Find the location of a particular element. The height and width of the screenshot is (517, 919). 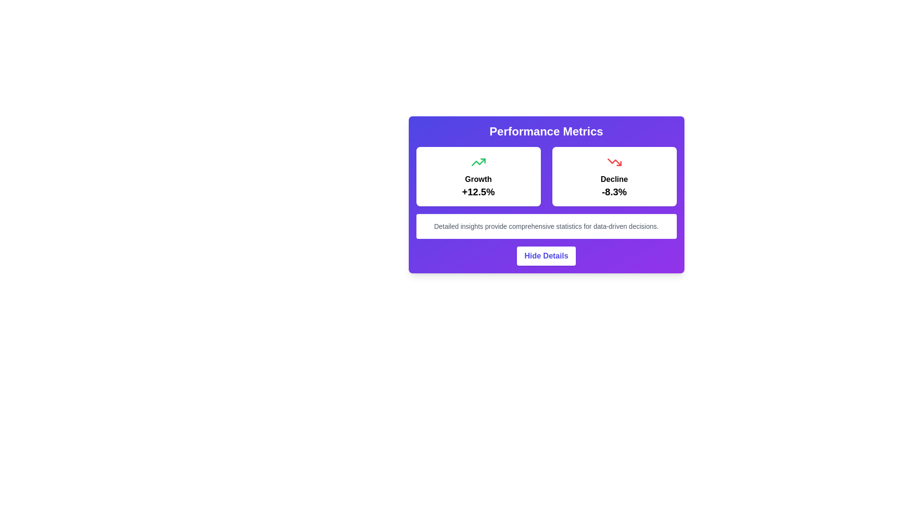

the red downward arrow decorative graphical component located above the text 'Decline -8.3%' in the performance metrics section is located at coordinates (614, 162).